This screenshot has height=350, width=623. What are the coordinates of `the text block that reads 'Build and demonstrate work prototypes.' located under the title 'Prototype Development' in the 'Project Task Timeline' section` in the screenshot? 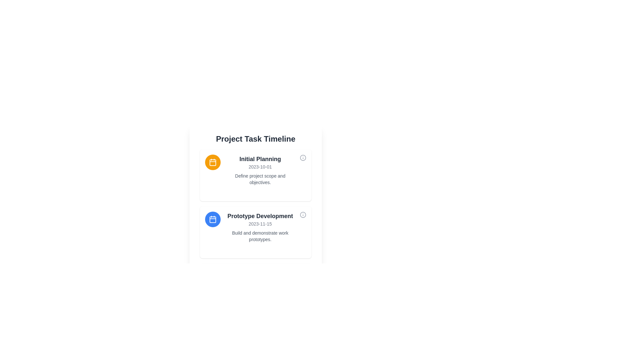 It's located at (260, 236).